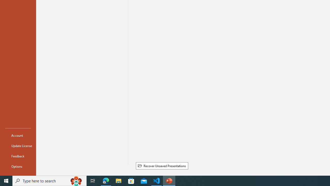  I want to click on 'Options', so click(18, 166).